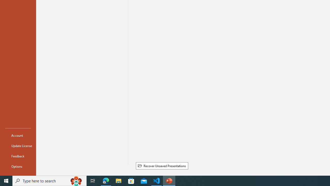  I want to click on 'Options', so click(18, 166).